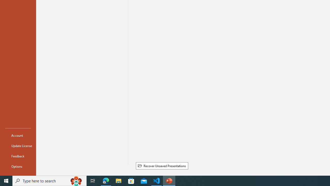  I want to click on 'Options', so click(18, 166).